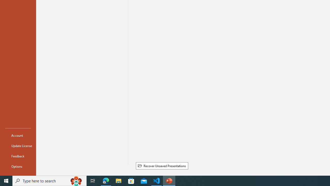  I want to click on 'Options', so click(18, 166).